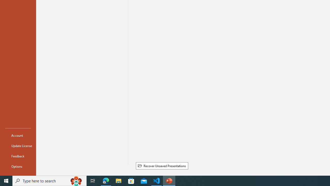  I want to click on 'Options', so click(18, 166).